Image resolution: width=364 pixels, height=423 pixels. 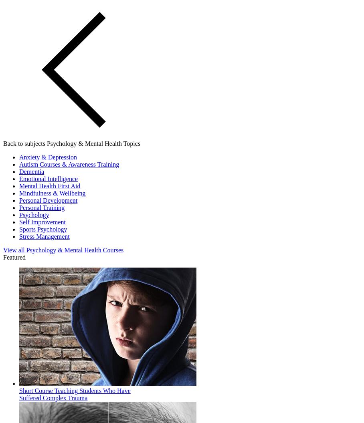 What do you see at coordinates (19, 229) in the screenshot?
I see `'Sports Psychology'` at bounding box center [19, 229].